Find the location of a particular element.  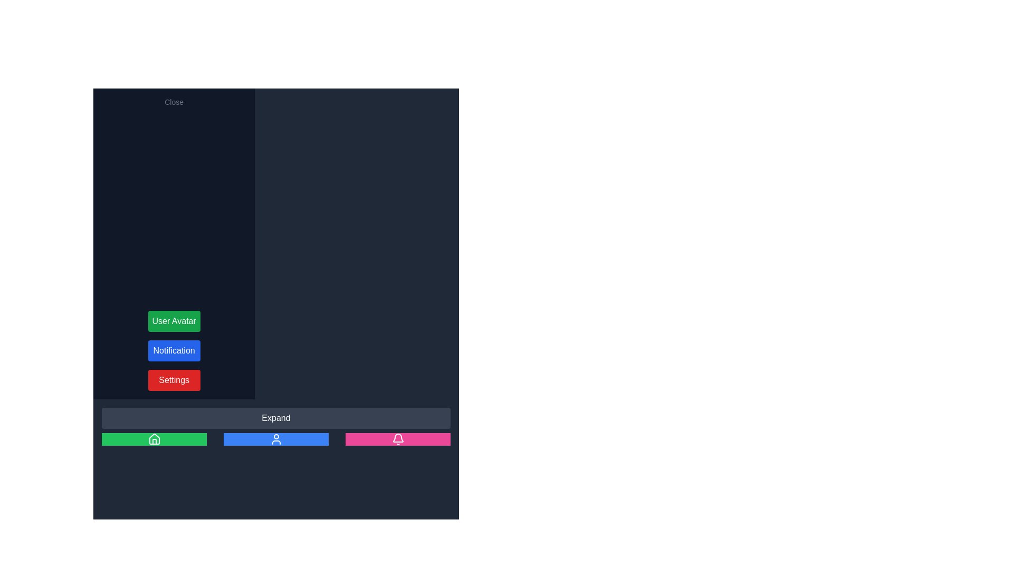

the navigation button at the bottom-center of the interface is located at coordinates (154, 439).